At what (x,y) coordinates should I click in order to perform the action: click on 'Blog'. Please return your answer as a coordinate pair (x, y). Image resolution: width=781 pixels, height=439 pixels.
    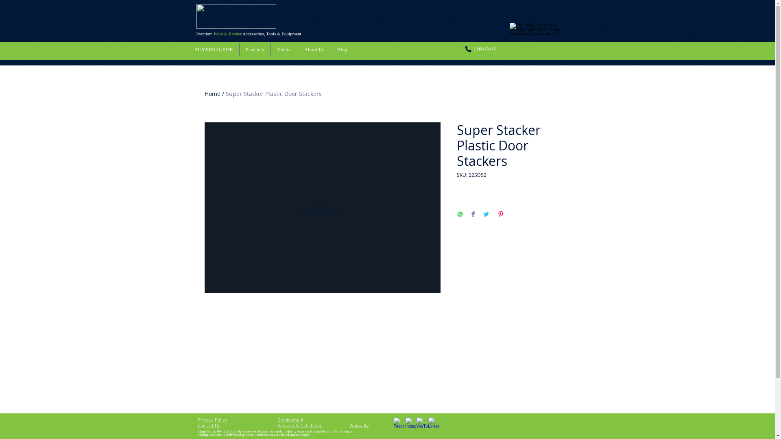
    Looking at the image, I should click on (342, 49).